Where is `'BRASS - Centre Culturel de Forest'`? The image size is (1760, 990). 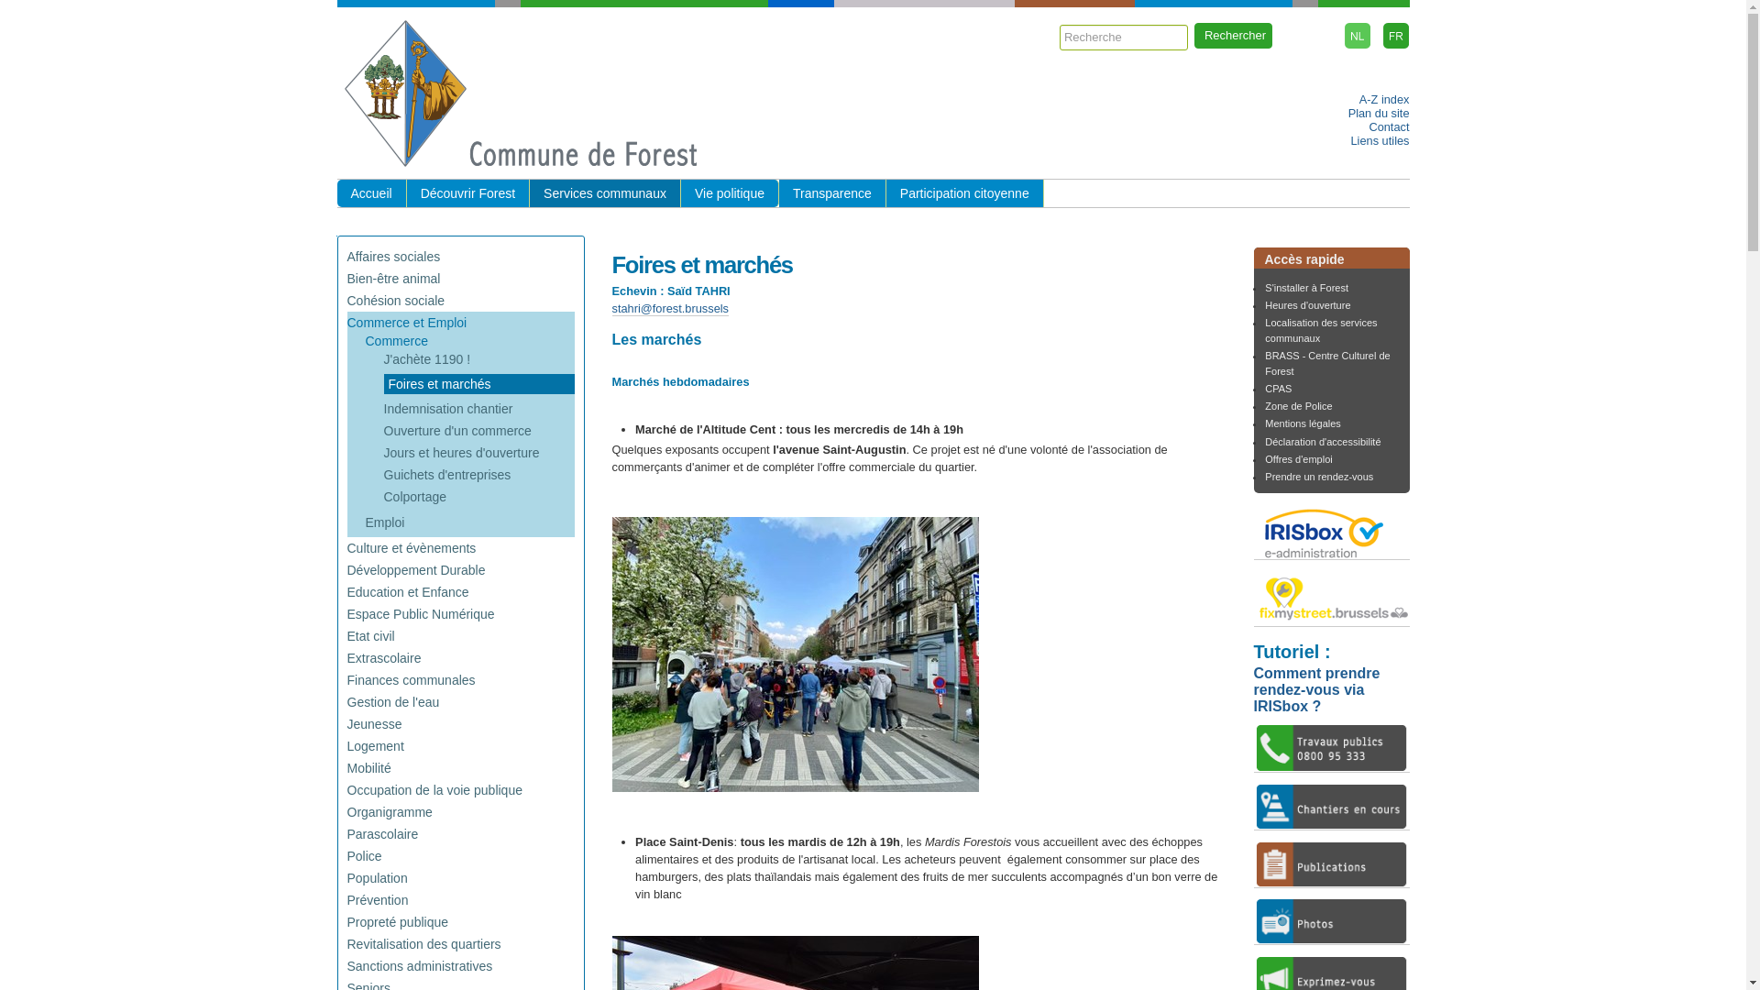 'BRASS - Centre Culturel de Forest' is located at coordinates (1327, 363).